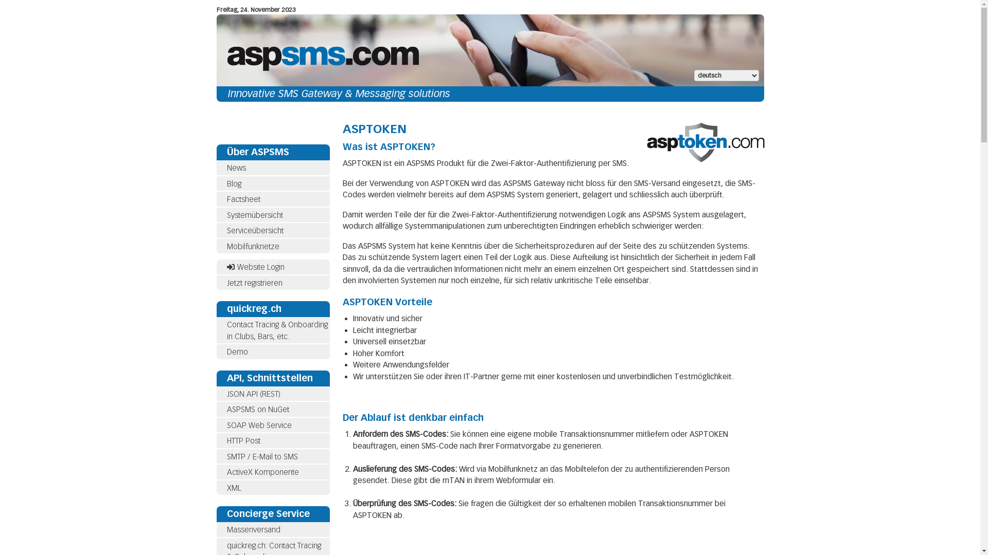 The image size is (988, 555). Describe the element at coordinates (254, 308) in the screenshot. I see `'quickreg.ch'` at that location.